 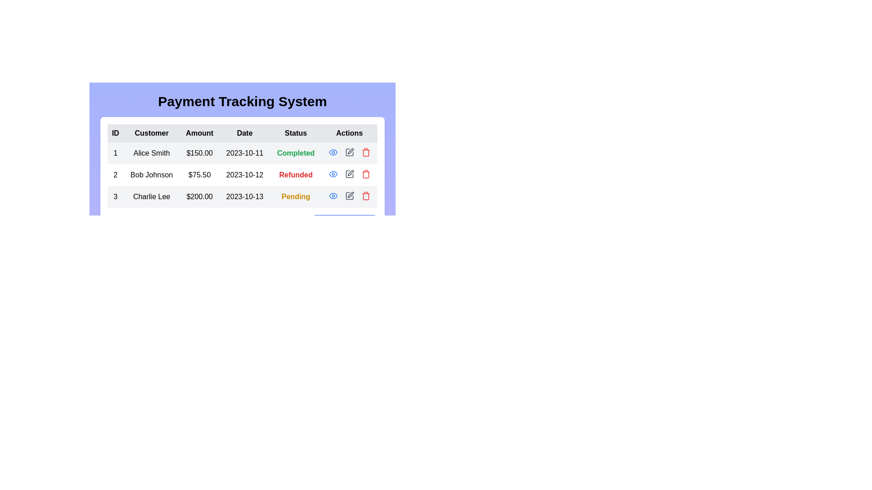 I want to click on the first row of the table, so click(x=242, y=153).